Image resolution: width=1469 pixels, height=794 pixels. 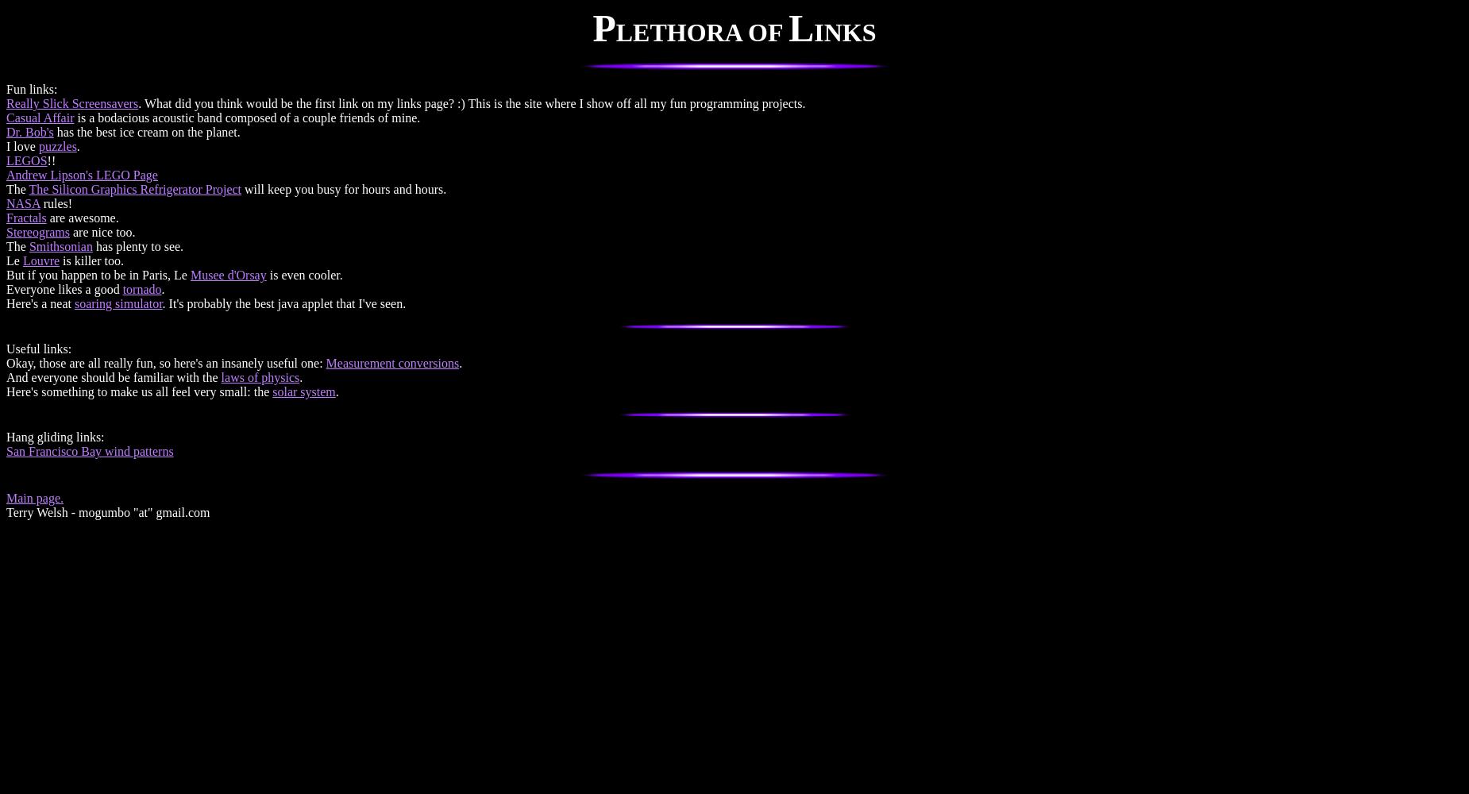 What do you see at coordinates (22, 203) in the screenshot?
I see `'NASA'` at bounding box center [22, 203].